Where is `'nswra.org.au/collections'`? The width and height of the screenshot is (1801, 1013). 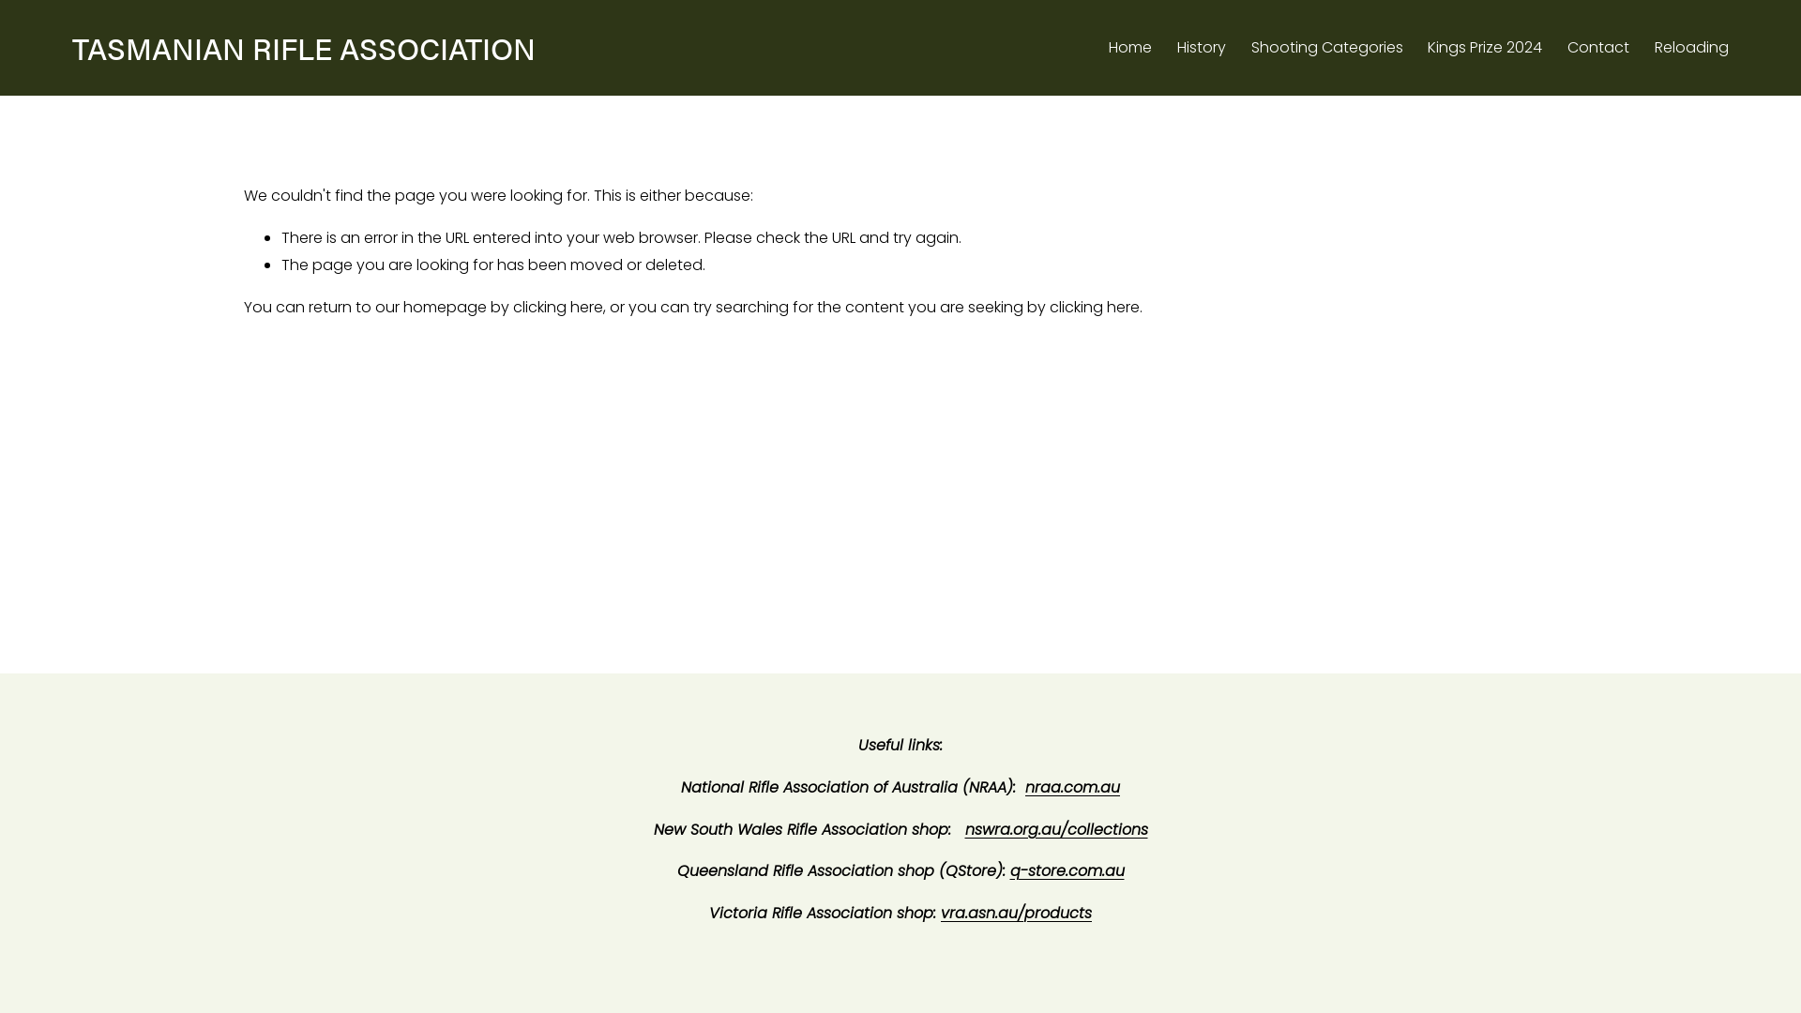 'nswra.org.au/collections' is located at coordinates (963, 829).